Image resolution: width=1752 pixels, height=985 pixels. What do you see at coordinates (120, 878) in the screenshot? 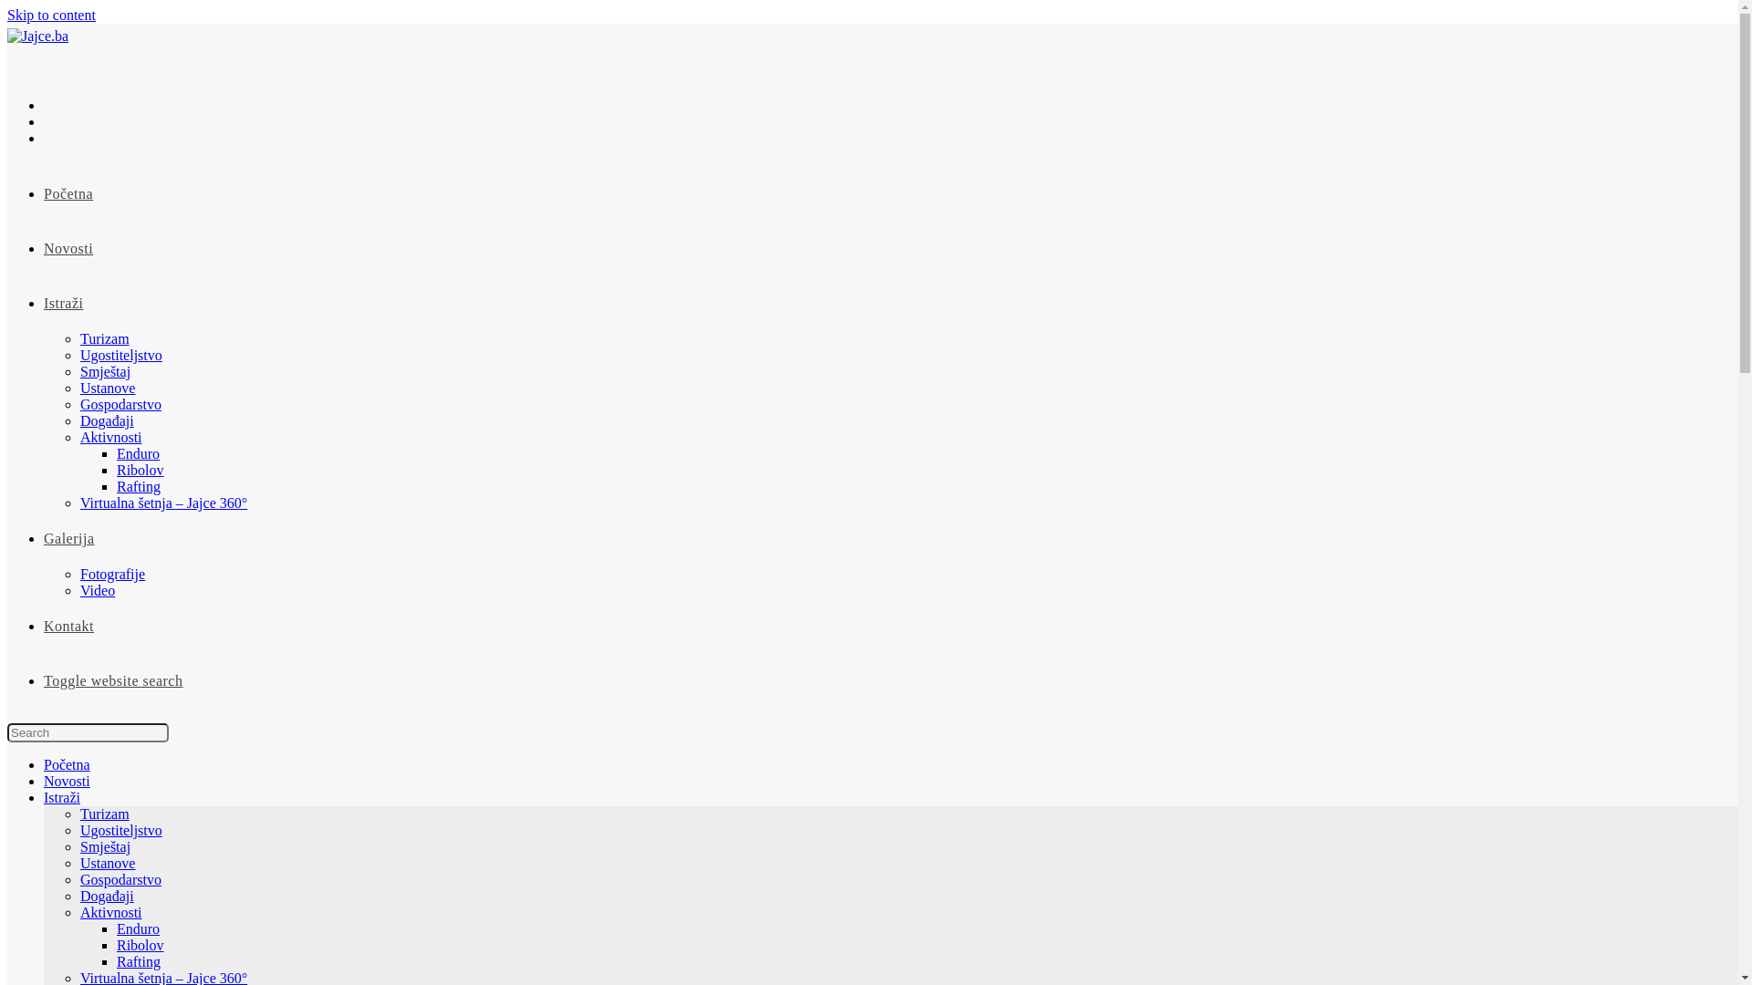
I see `'Gospodarstvo'` at bounding box center [120, 878].